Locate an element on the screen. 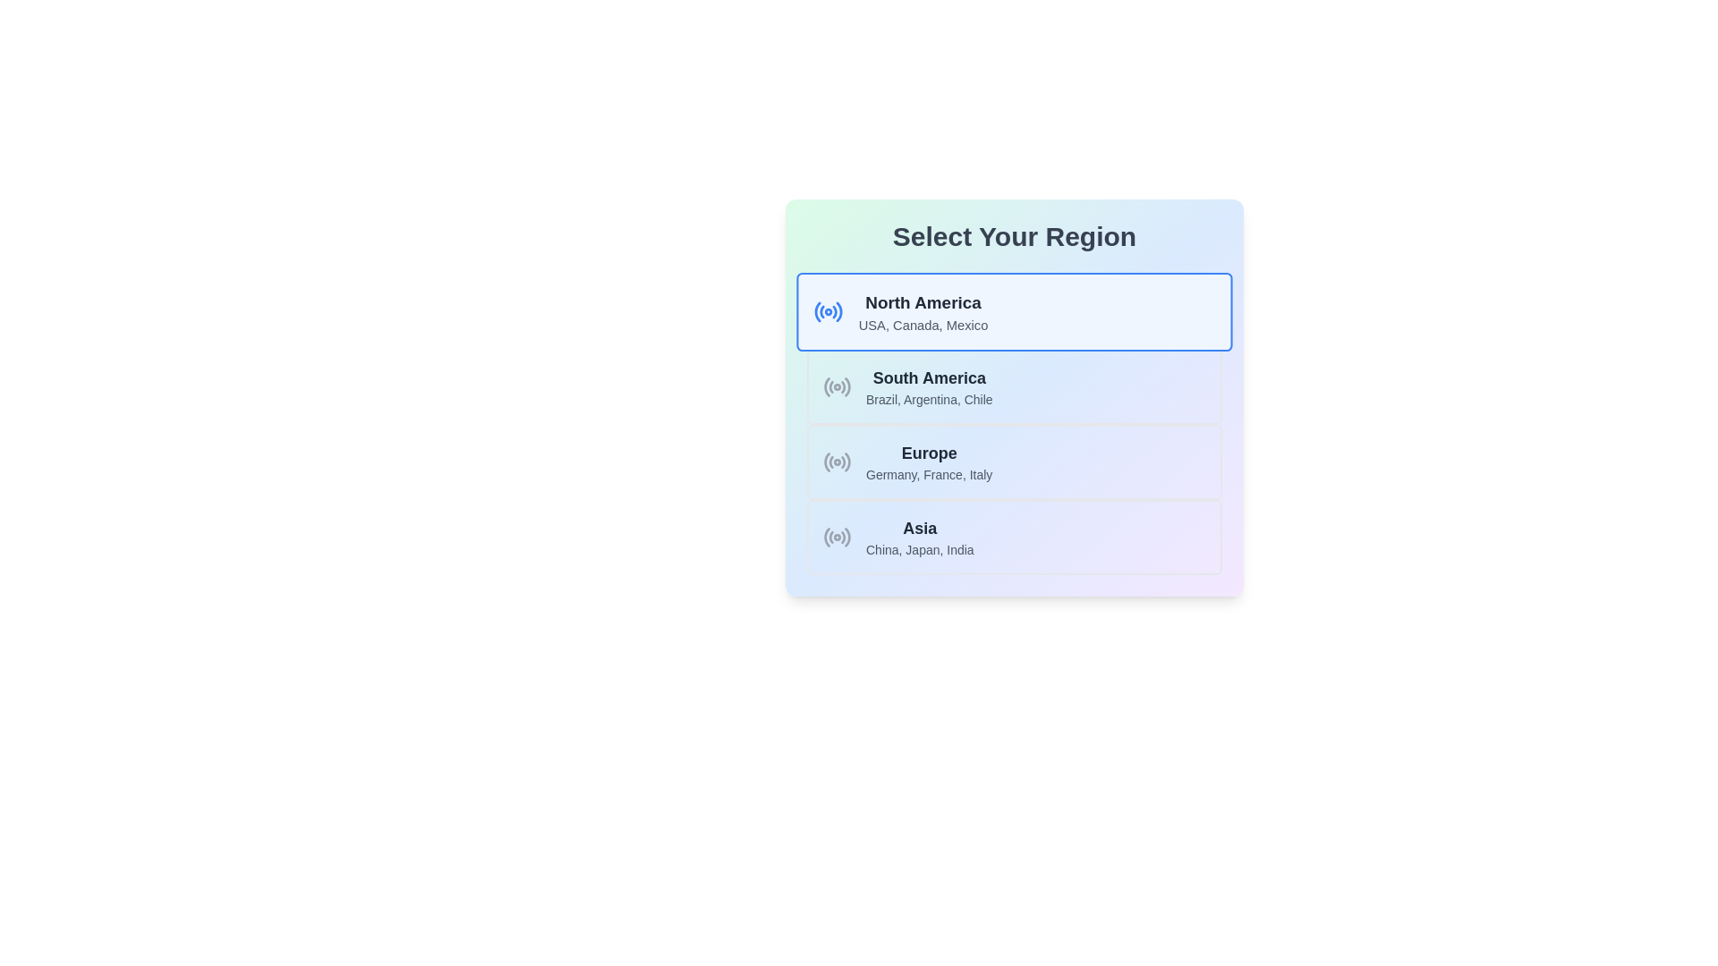  the fourth List Item in the 'Select Your Region' card is located at coordinates (920, 537).